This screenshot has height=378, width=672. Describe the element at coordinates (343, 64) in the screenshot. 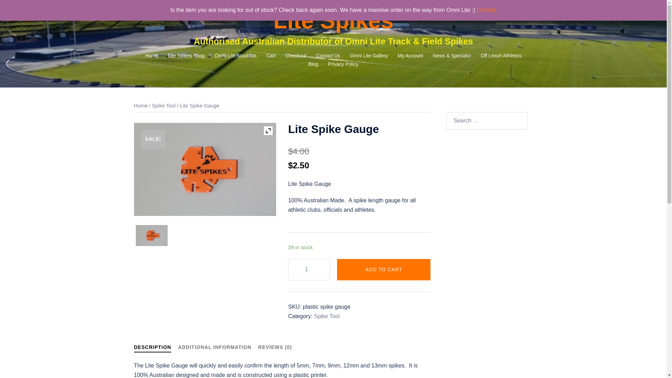

I see `'Privacy Policy'` at that location.